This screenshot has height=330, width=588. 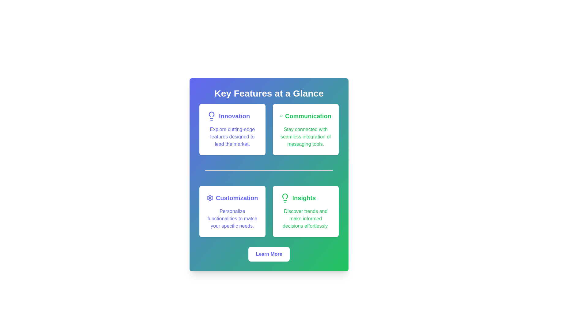 What do you see at coordinates (269, 170) in the screenshot?
I see `the second item in the grid layout under the 'Key Features at a Glance' section` at bounding box center [269, 170].